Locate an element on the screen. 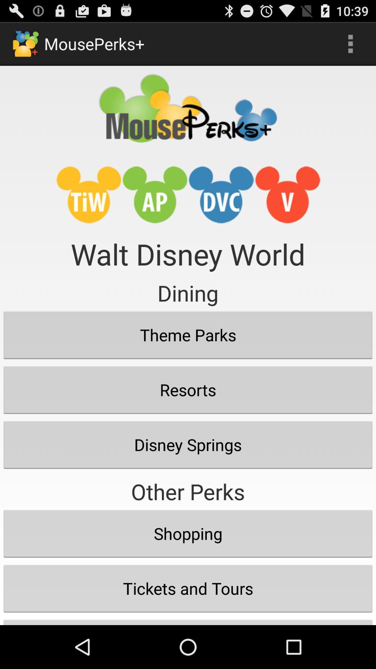 The image size is (376, 669). resorts button is located at coordinates (188, 389).